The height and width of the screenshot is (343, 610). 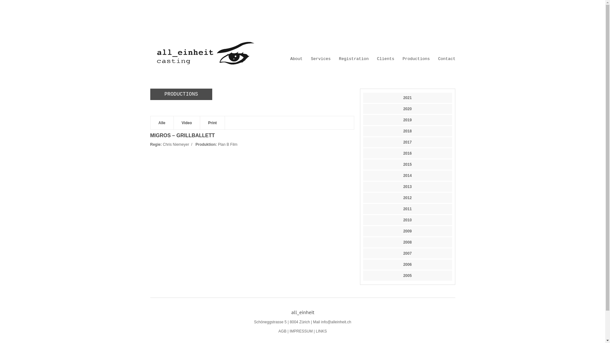 What do you see at coordinates (407, 186) in the screenshot?
I see `'2013'` at bounding box center [407, 186].